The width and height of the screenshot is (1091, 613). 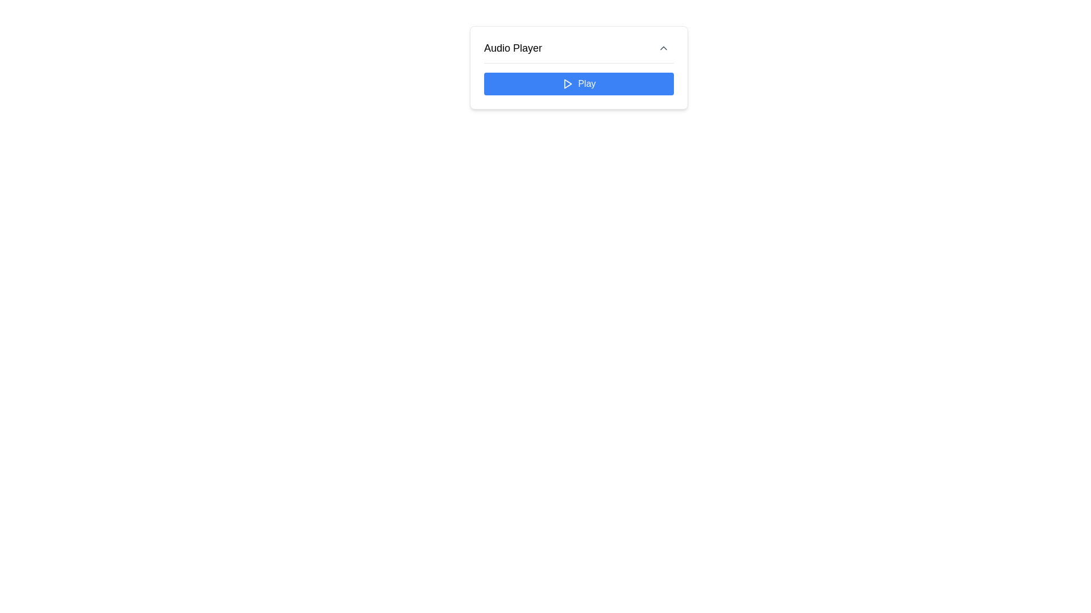 What do you see at coordinates (578, 83) in the screenshot?
I see `the audio playback button located below the 'Audio Player' header, which is the only interactive element in the area` at bounding box center [578, 83].